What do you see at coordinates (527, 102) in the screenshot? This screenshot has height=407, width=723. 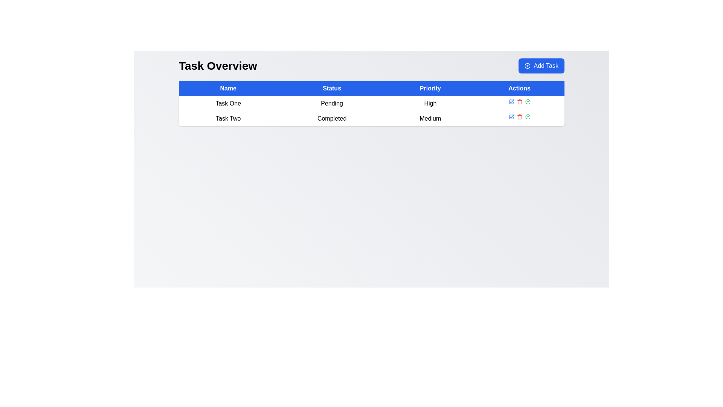 I see `the circular checkmark icon in the 'Actions' column for 'Task Two'` at bounding box center [527, 102].